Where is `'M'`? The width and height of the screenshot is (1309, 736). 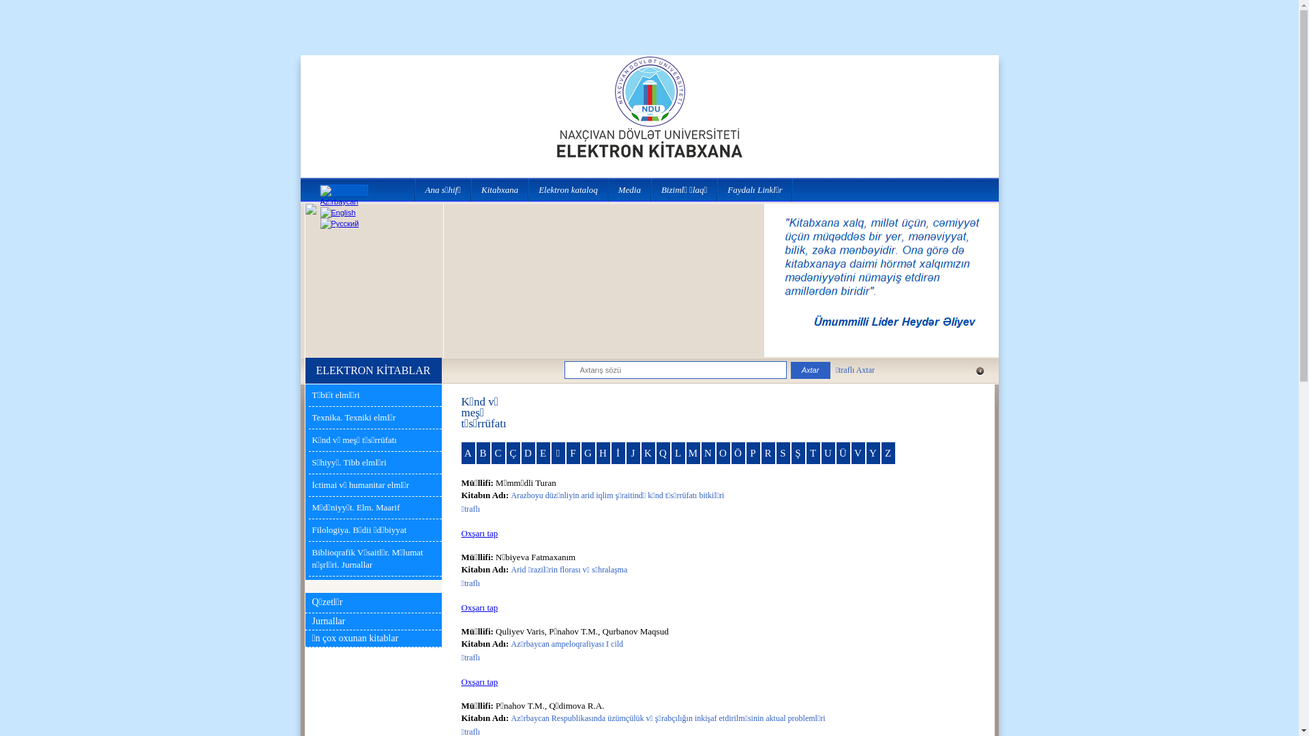 'M' is located at coordinates (693, 453).